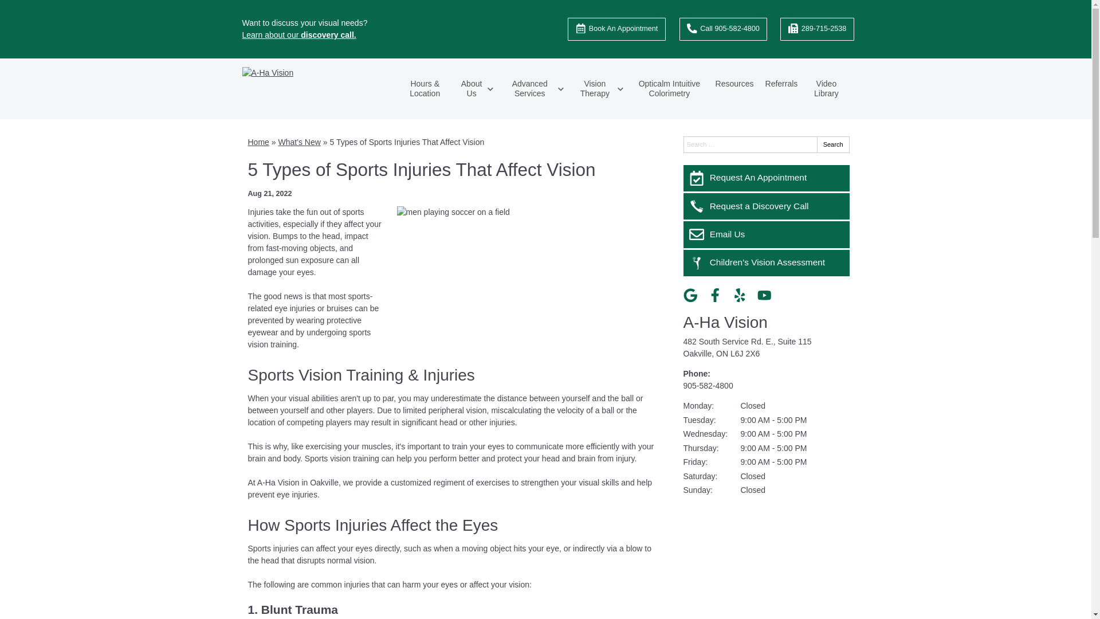 The width and height of the screenshot is (1100, 619). What do you see at coordinates (257, 141) in the screenshot?
I see `'Home'` at bounding box center [257, 141].